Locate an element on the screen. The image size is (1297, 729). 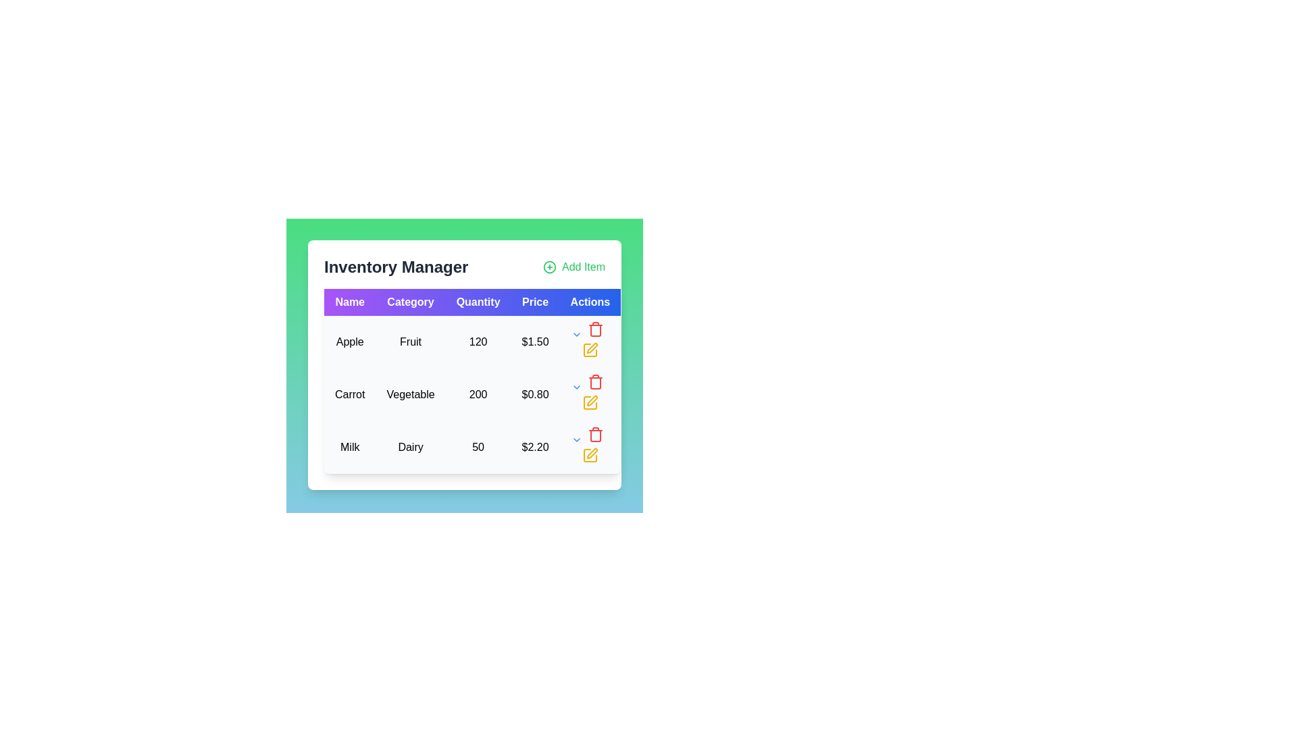
the 'Quantity' text label for the item 'Apple' in the inventory system, located in the second row of the data table under the 'Inventory Manager' header is located at coordinates (478, 341).